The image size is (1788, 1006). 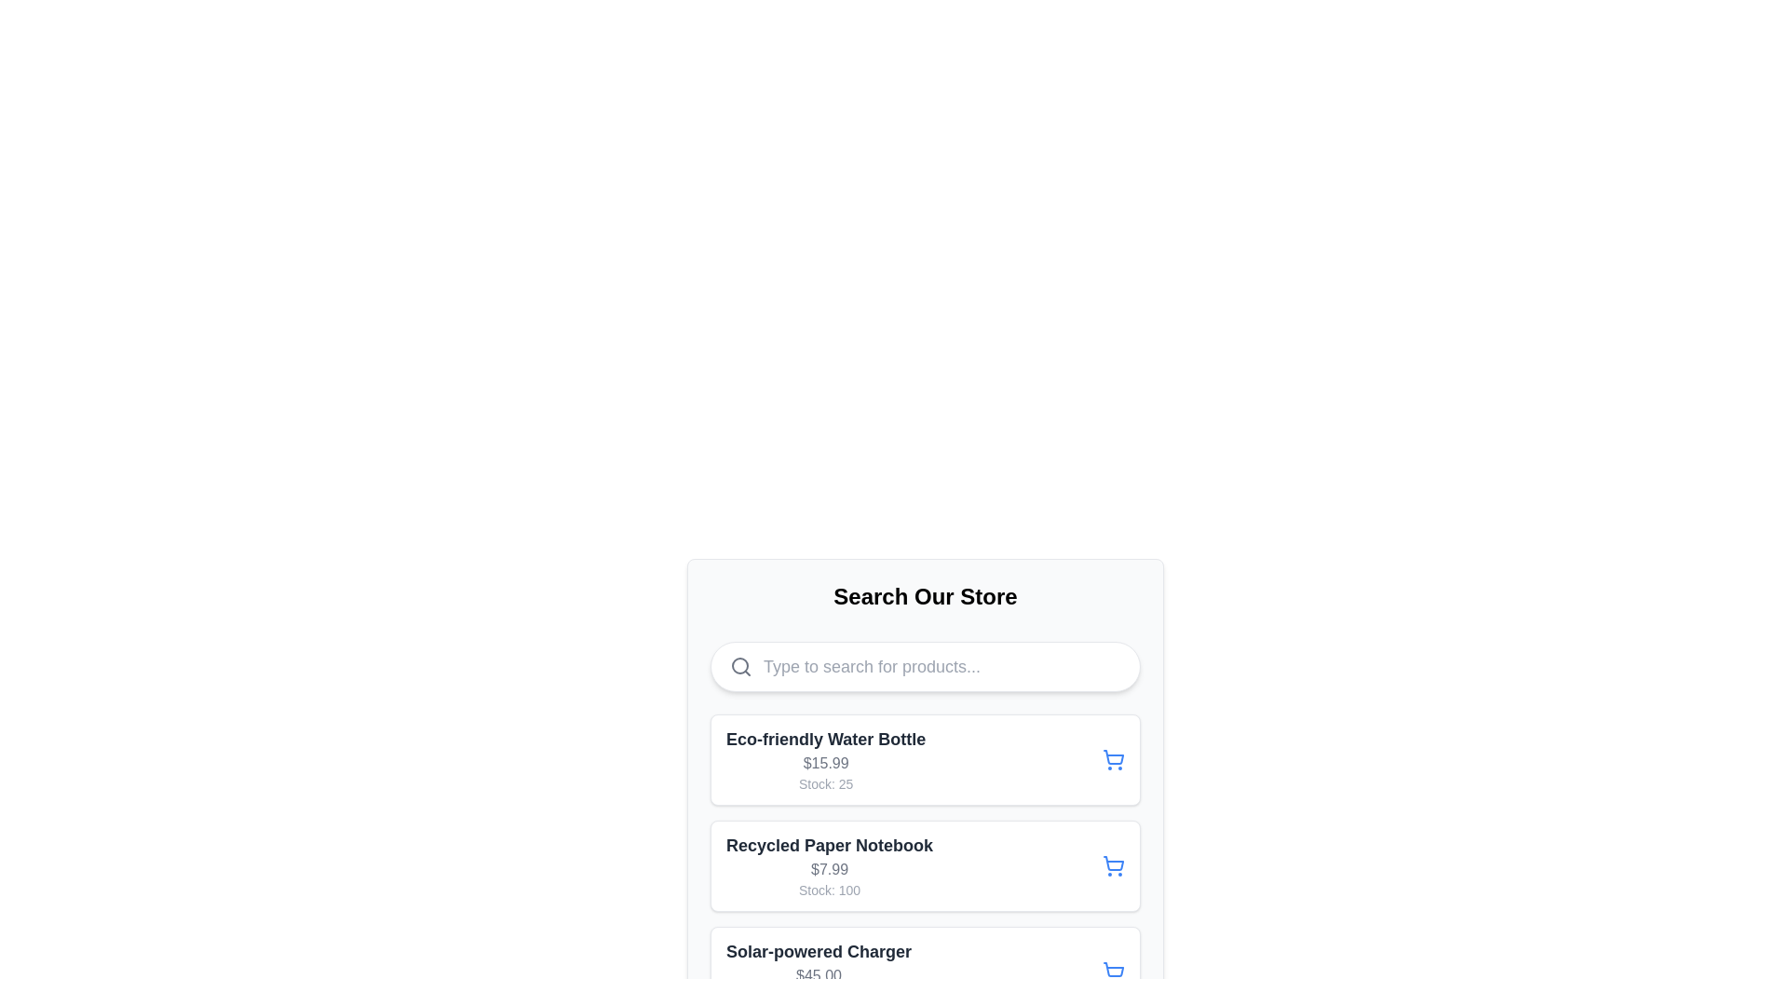 What do you see at coordinates (740, 666) in the screenshot?
I see `the search icon located to the immediate left of the input field labeled 'Type to search for products...' in the search bar at the top of the visible content area` at bounding box center [740, 666].